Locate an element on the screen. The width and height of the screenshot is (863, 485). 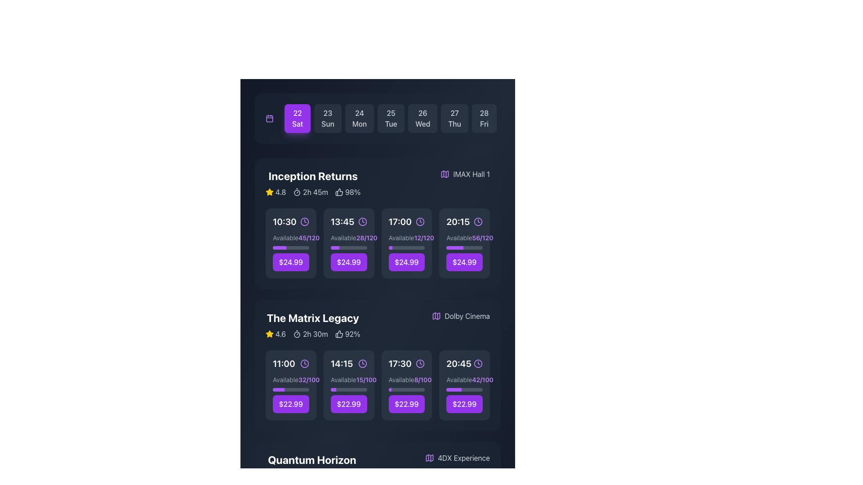
the progress bar that visually represents the percentage of available capacity, located below the text 'Available 28/120' and above the button displaying '$24.99' is located at coordinates (348, 247).